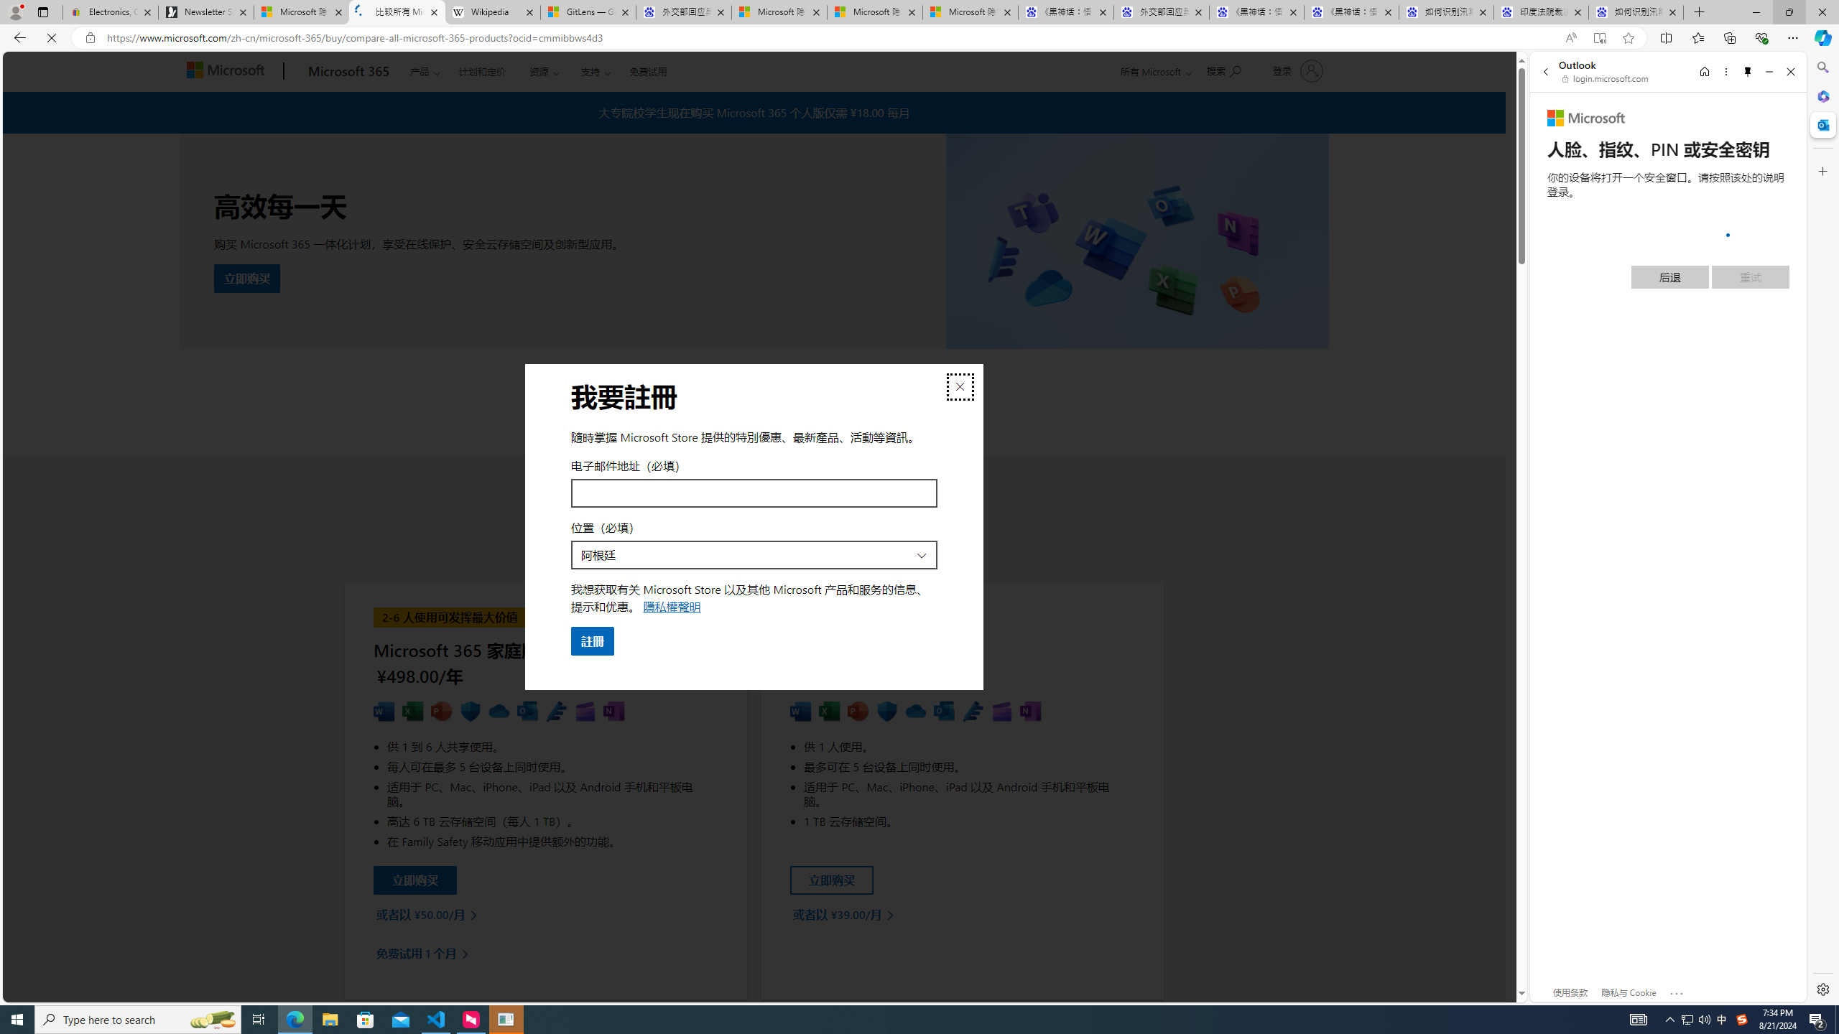 The height and width of the screenshot is (1034, 1839). I want to click on 'Unpin side pane', so click(1748, 71).